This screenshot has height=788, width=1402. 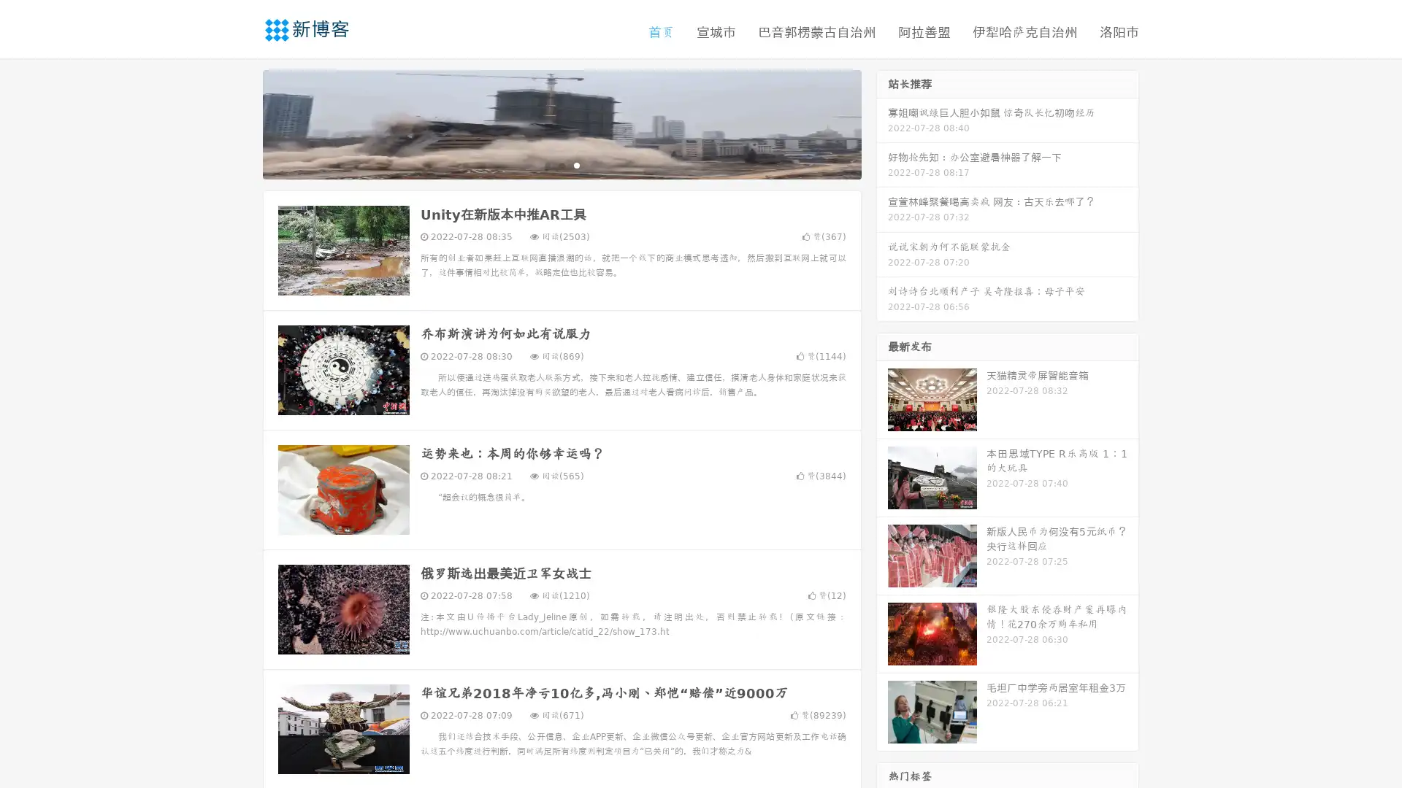 I want to click on Go to slide 2, so click(x=561, y=164).